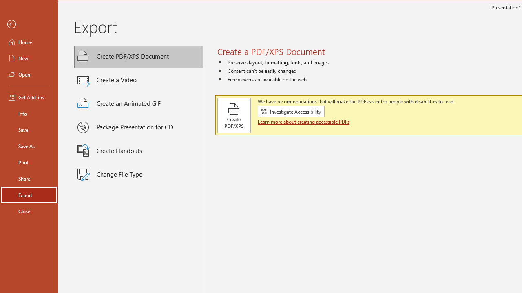  Describe the element at coordinates (29, 57) in the screenshot. I see `'New'` at that location.